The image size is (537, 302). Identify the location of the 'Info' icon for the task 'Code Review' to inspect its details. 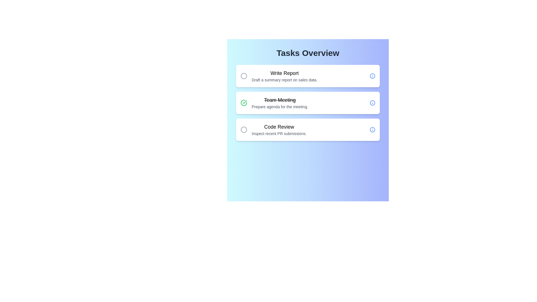
(372, 129).